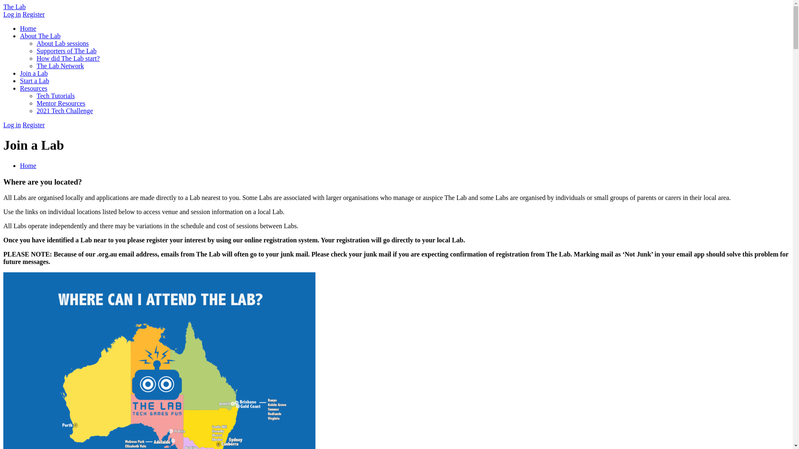 The height and width of the screenshot is (449, 799). I want to click on 'How did The Lab start?', so click(68, 58).